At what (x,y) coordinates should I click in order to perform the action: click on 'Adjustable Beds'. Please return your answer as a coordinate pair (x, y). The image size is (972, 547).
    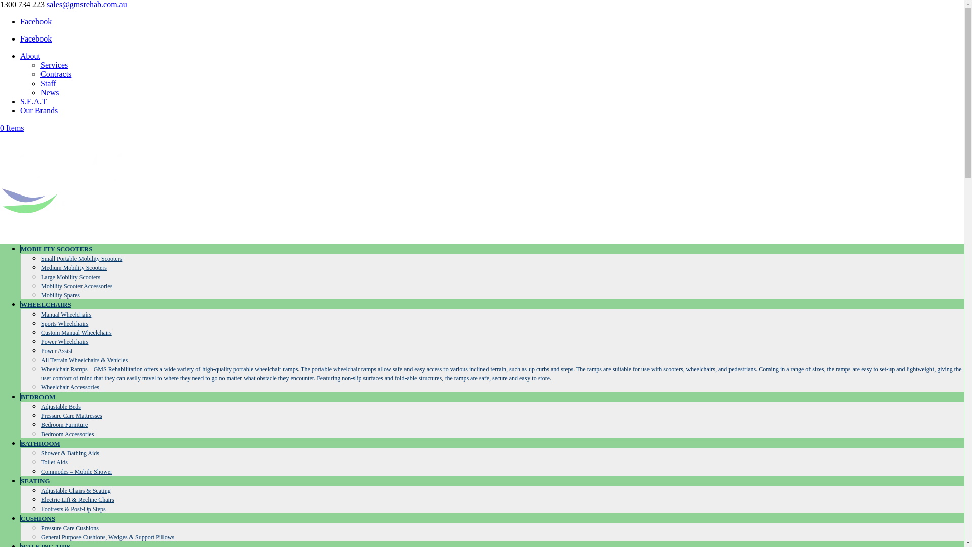
    Looking at the image, I should click on (60, 406).